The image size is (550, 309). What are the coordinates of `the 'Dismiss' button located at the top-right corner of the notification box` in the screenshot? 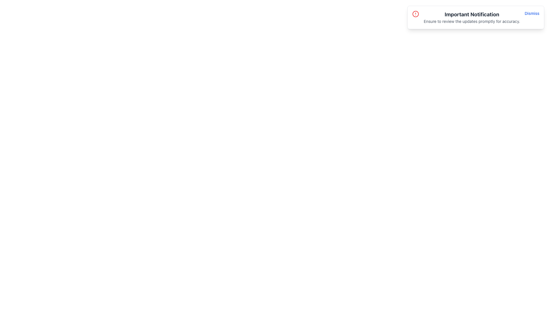 It's located at (532, 13).